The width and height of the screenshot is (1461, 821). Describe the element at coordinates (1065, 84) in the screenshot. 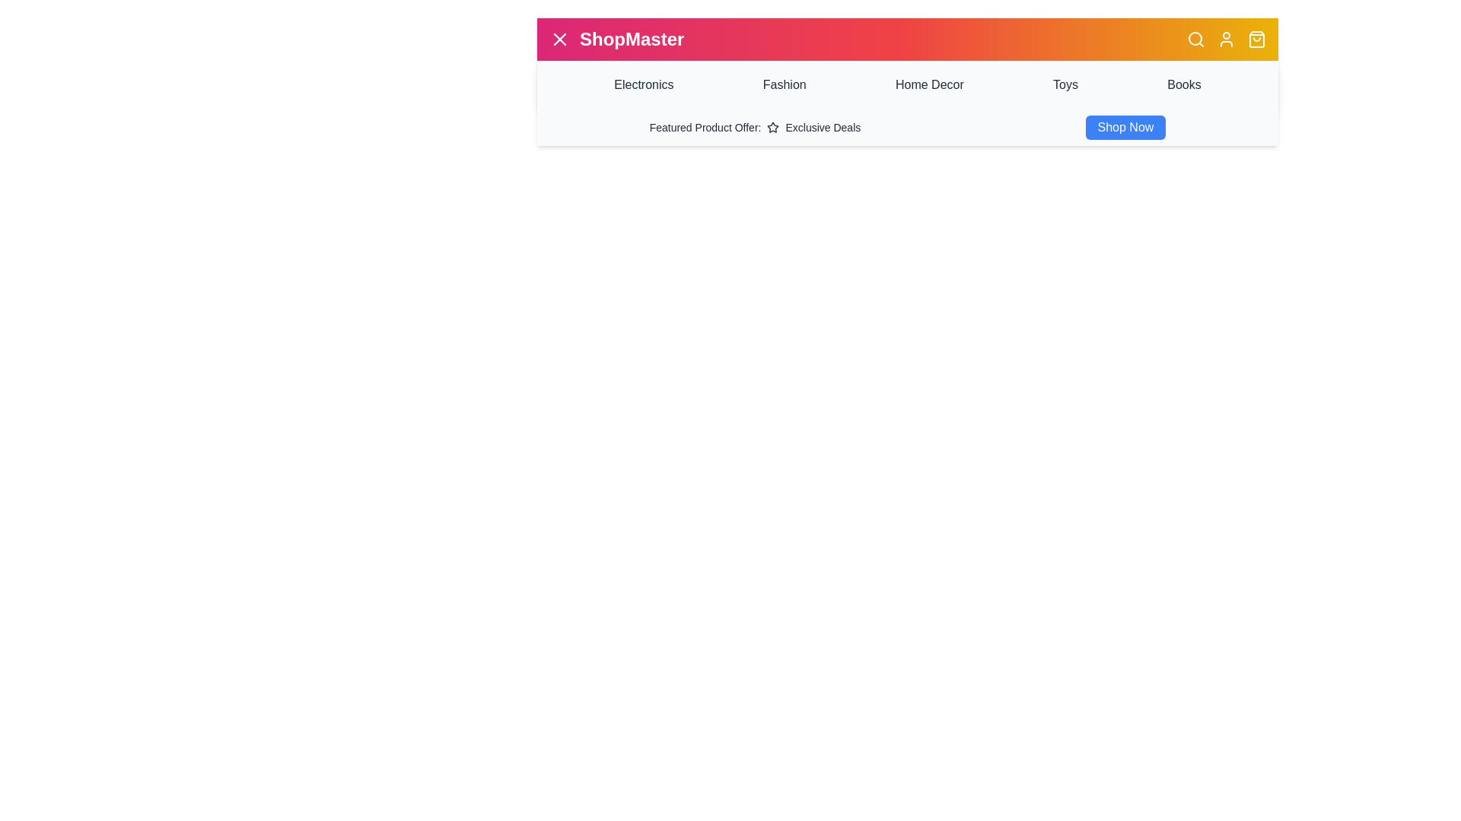

I see `the category Toys to navigate to the respective section` at that location.